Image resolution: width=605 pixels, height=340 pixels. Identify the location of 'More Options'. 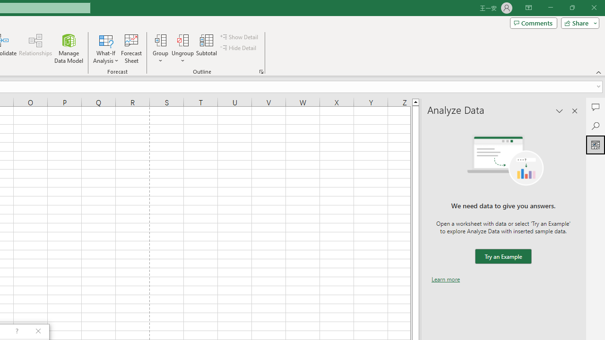
(183, 57).